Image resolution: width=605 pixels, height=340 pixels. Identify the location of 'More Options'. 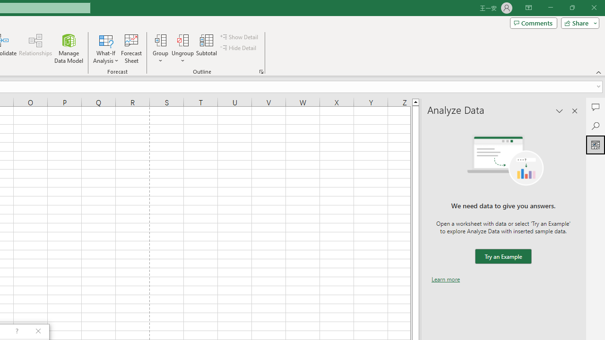
(183, 57).